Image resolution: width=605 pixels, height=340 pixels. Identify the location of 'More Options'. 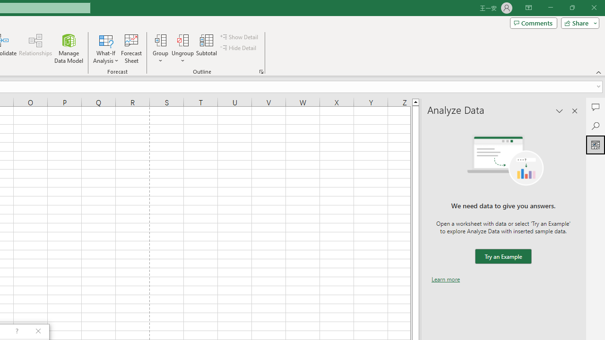
(183, 57).